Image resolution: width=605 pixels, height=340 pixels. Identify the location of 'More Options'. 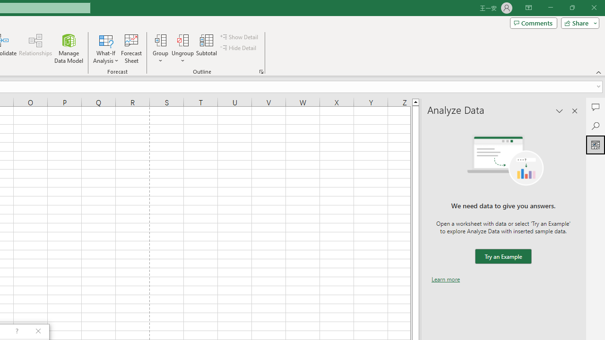
(183, 57).